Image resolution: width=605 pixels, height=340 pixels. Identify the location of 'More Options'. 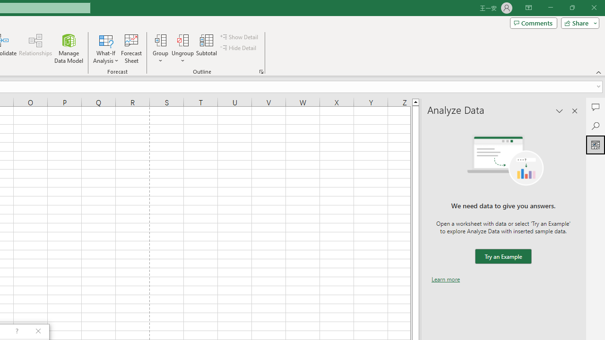
(183, 57).